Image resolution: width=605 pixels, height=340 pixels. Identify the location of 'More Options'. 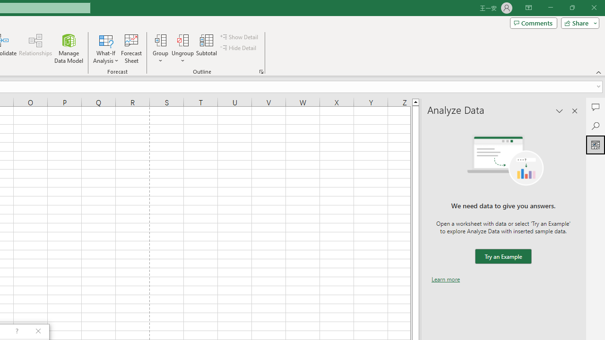
(183, 57).